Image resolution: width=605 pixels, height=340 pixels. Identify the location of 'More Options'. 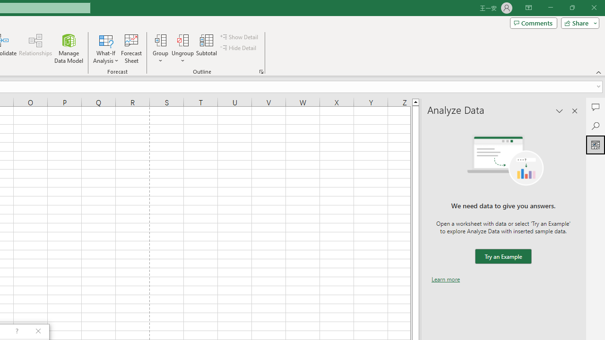
(183, 57).